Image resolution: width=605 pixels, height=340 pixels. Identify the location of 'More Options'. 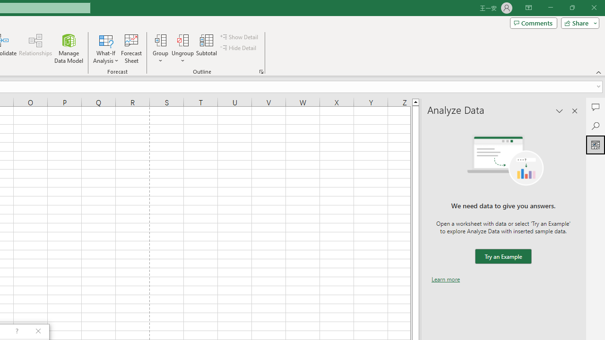
(183, 57).